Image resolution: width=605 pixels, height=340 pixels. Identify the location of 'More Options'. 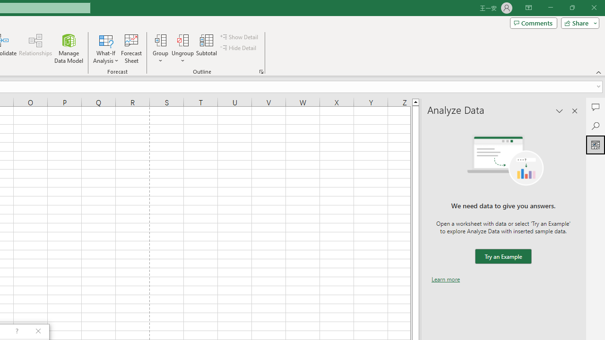
(183, 57).